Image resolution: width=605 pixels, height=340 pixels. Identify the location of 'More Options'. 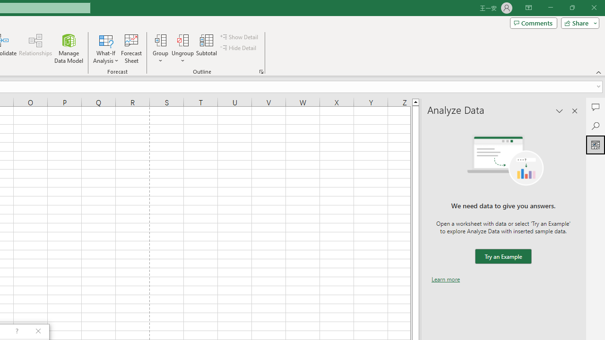
(183, 57).